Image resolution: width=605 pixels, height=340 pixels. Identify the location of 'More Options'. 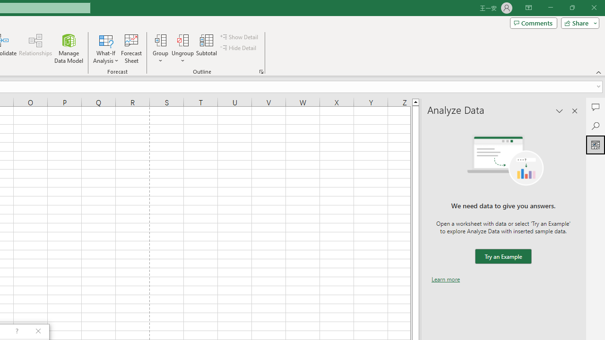
(183, 57).